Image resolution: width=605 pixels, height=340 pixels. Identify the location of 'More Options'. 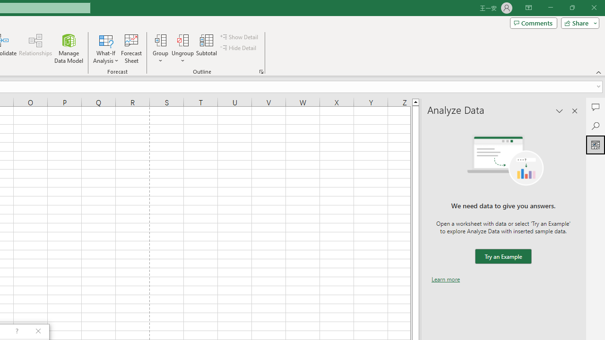
(183, 57).